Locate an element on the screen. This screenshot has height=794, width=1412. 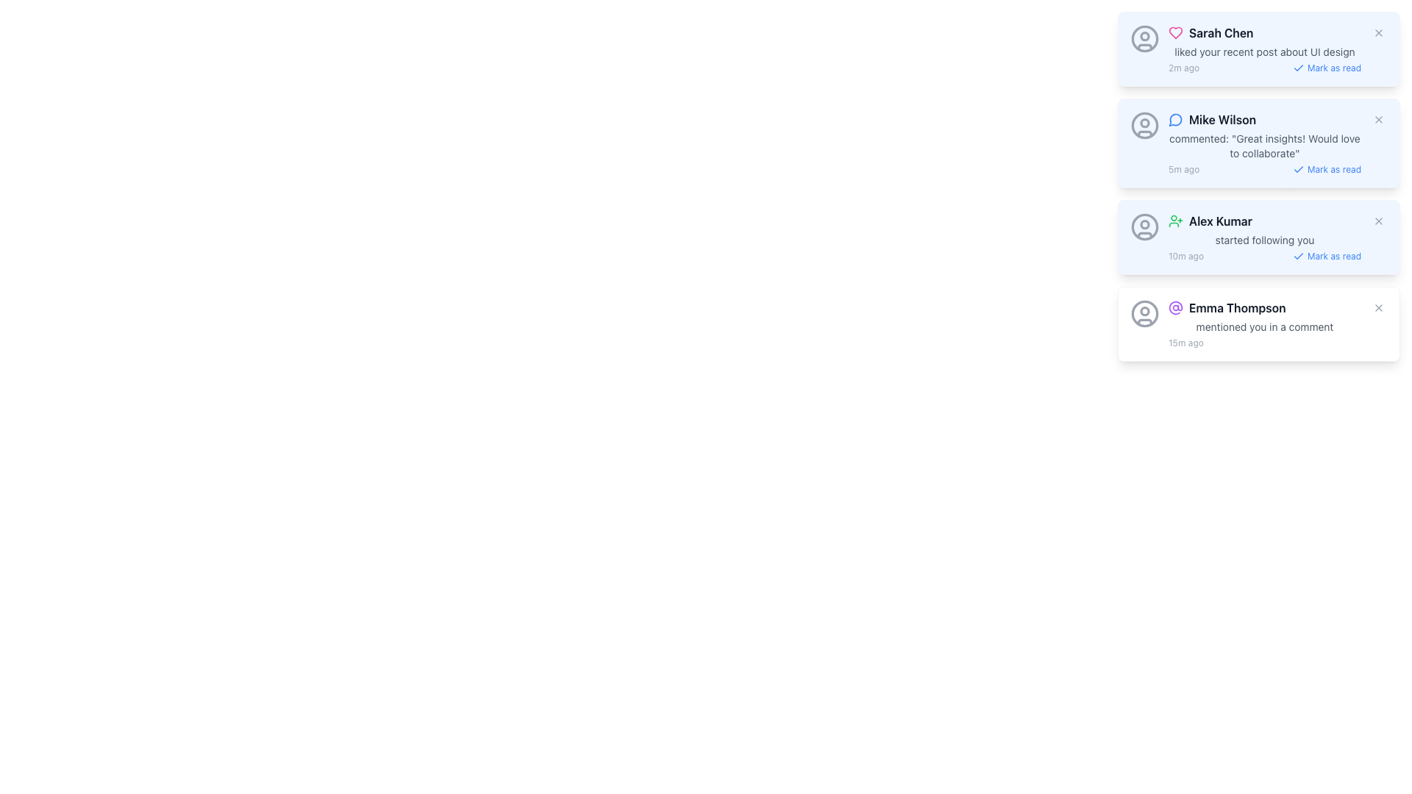
the dismiss button located at the top-right corner of the notification card for 'Mike Wilson' is located at coordinates (1378, 118).